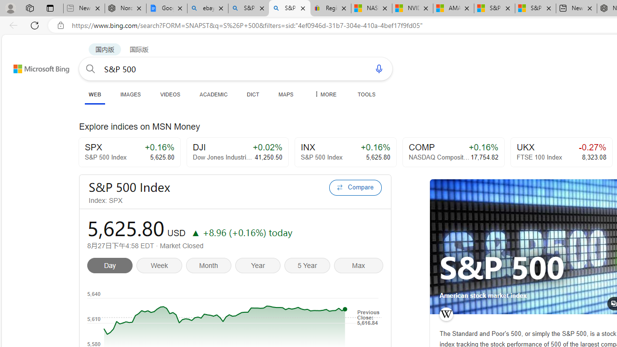 The height and width of the screenshot is (347, 617). I want to click on 'WEB', so click(95, 95).